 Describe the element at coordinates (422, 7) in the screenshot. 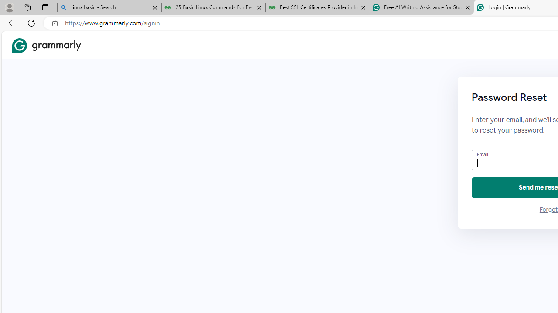

I see `'Free AI Writing Assistance for Students | Grammarly'` at that location.